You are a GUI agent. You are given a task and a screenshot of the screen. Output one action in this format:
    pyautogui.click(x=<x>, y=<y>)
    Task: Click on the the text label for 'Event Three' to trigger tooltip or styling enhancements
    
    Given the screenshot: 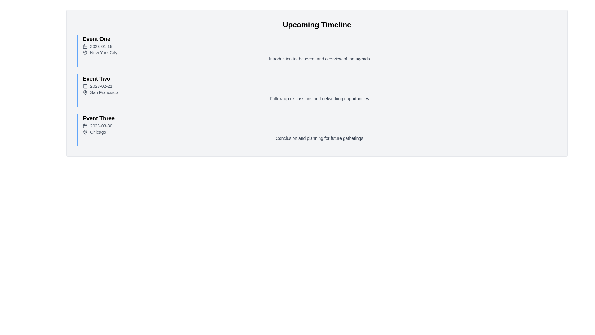 What is the action you would take?
    pyautogui.click(x=98, y=118)
    